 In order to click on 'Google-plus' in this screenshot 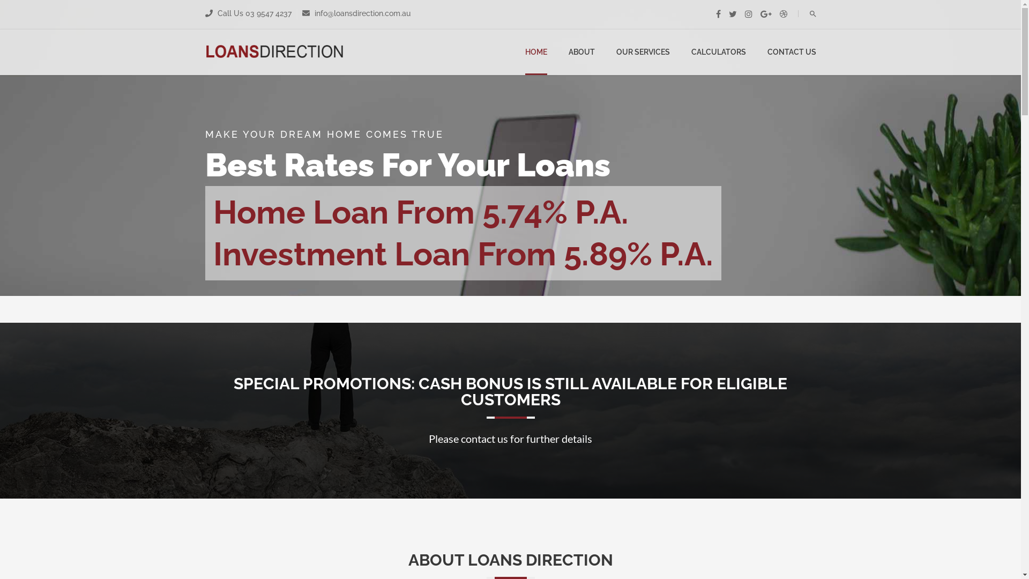, I will do `click(765, 14)`.